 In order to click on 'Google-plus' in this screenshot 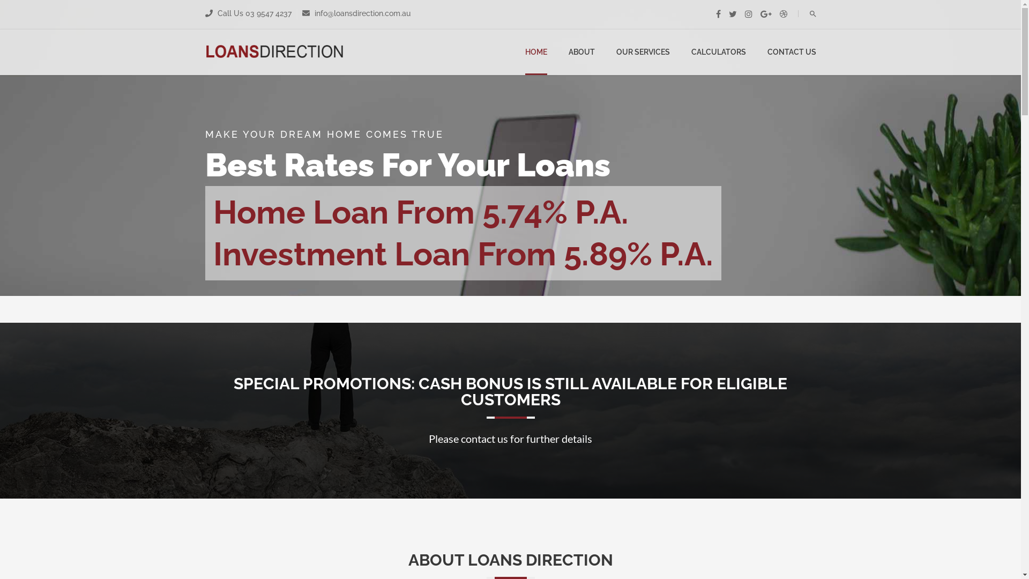, I will do `click(765, 14)`.